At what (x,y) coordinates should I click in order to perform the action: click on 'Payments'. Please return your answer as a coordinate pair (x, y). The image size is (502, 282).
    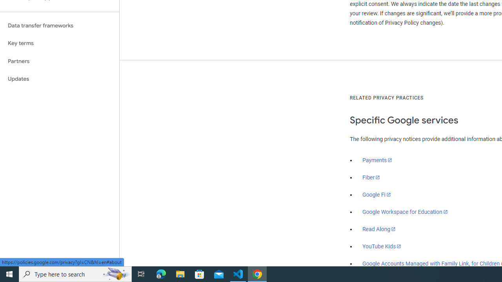
    Looking at the image, I should click on (377, 160).